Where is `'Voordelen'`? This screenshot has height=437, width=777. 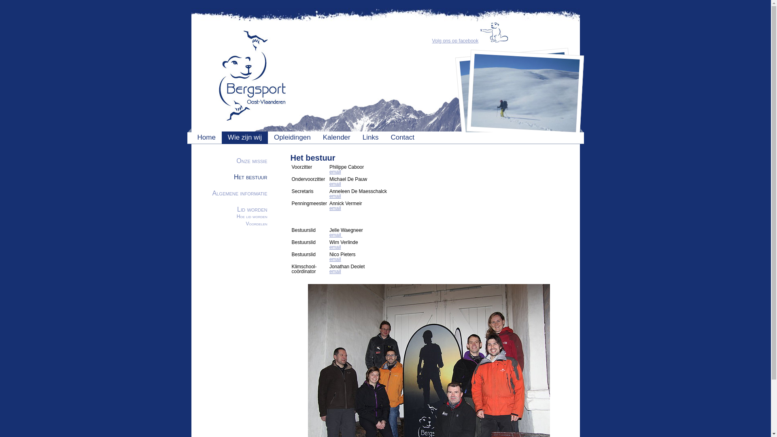 'Voordelen' is located at coordinates (256, 223).